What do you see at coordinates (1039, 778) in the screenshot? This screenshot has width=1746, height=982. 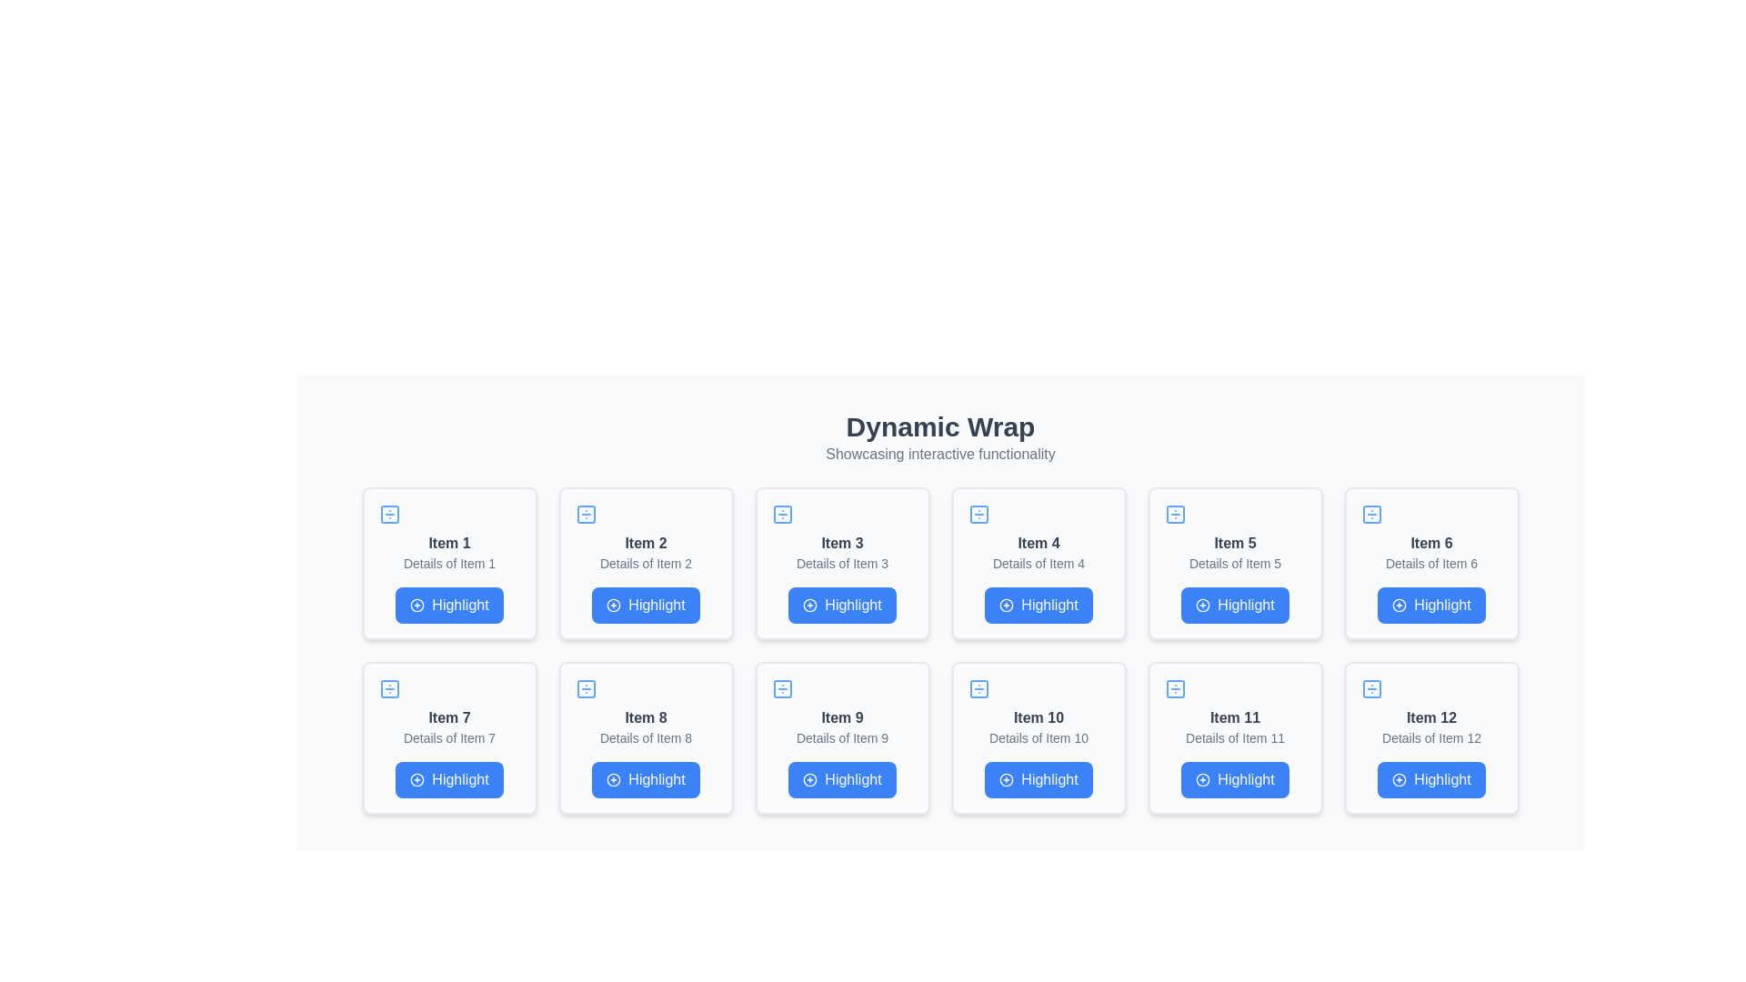 I see `the blue button labeled 'Highlight' with a plus icon on its left, located at the bottom of the 'Item 10' card in the fourth row of the grid layout` at bounding box center [1039, 778].